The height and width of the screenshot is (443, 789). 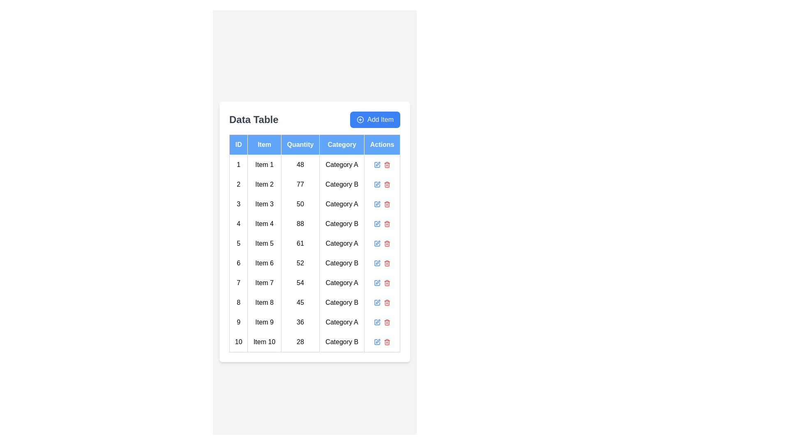 I want to click on the numeric display field for 'Item 3' in the table, so click(x=300, y=203).